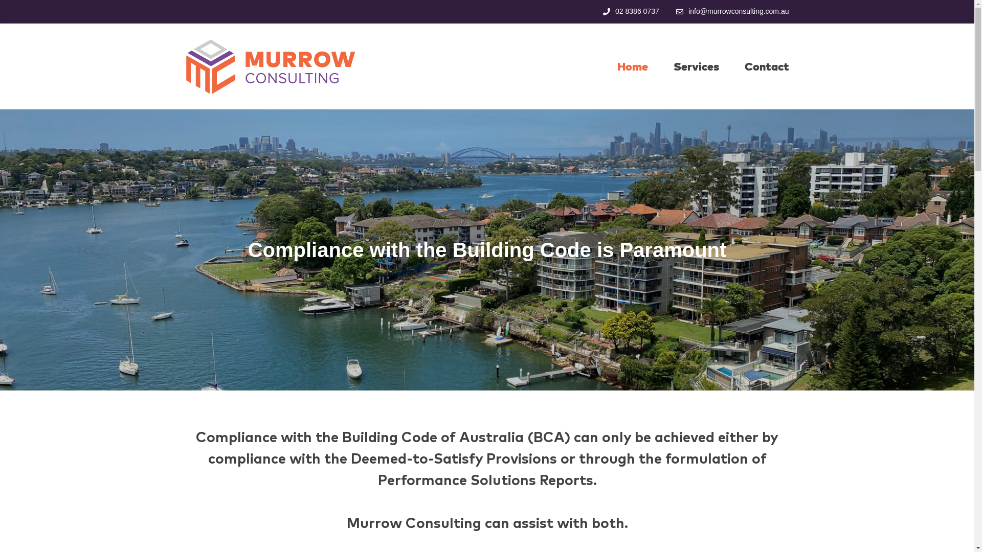  Describe the element at coordinates (673, 66) in the screenshot. I see `'Services'` at that location.